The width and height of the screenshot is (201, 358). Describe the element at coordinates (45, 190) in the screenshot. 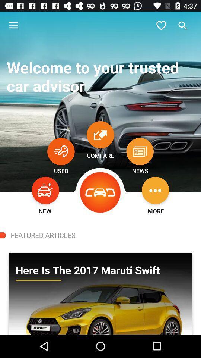

I see `icon below the used item` at that location.